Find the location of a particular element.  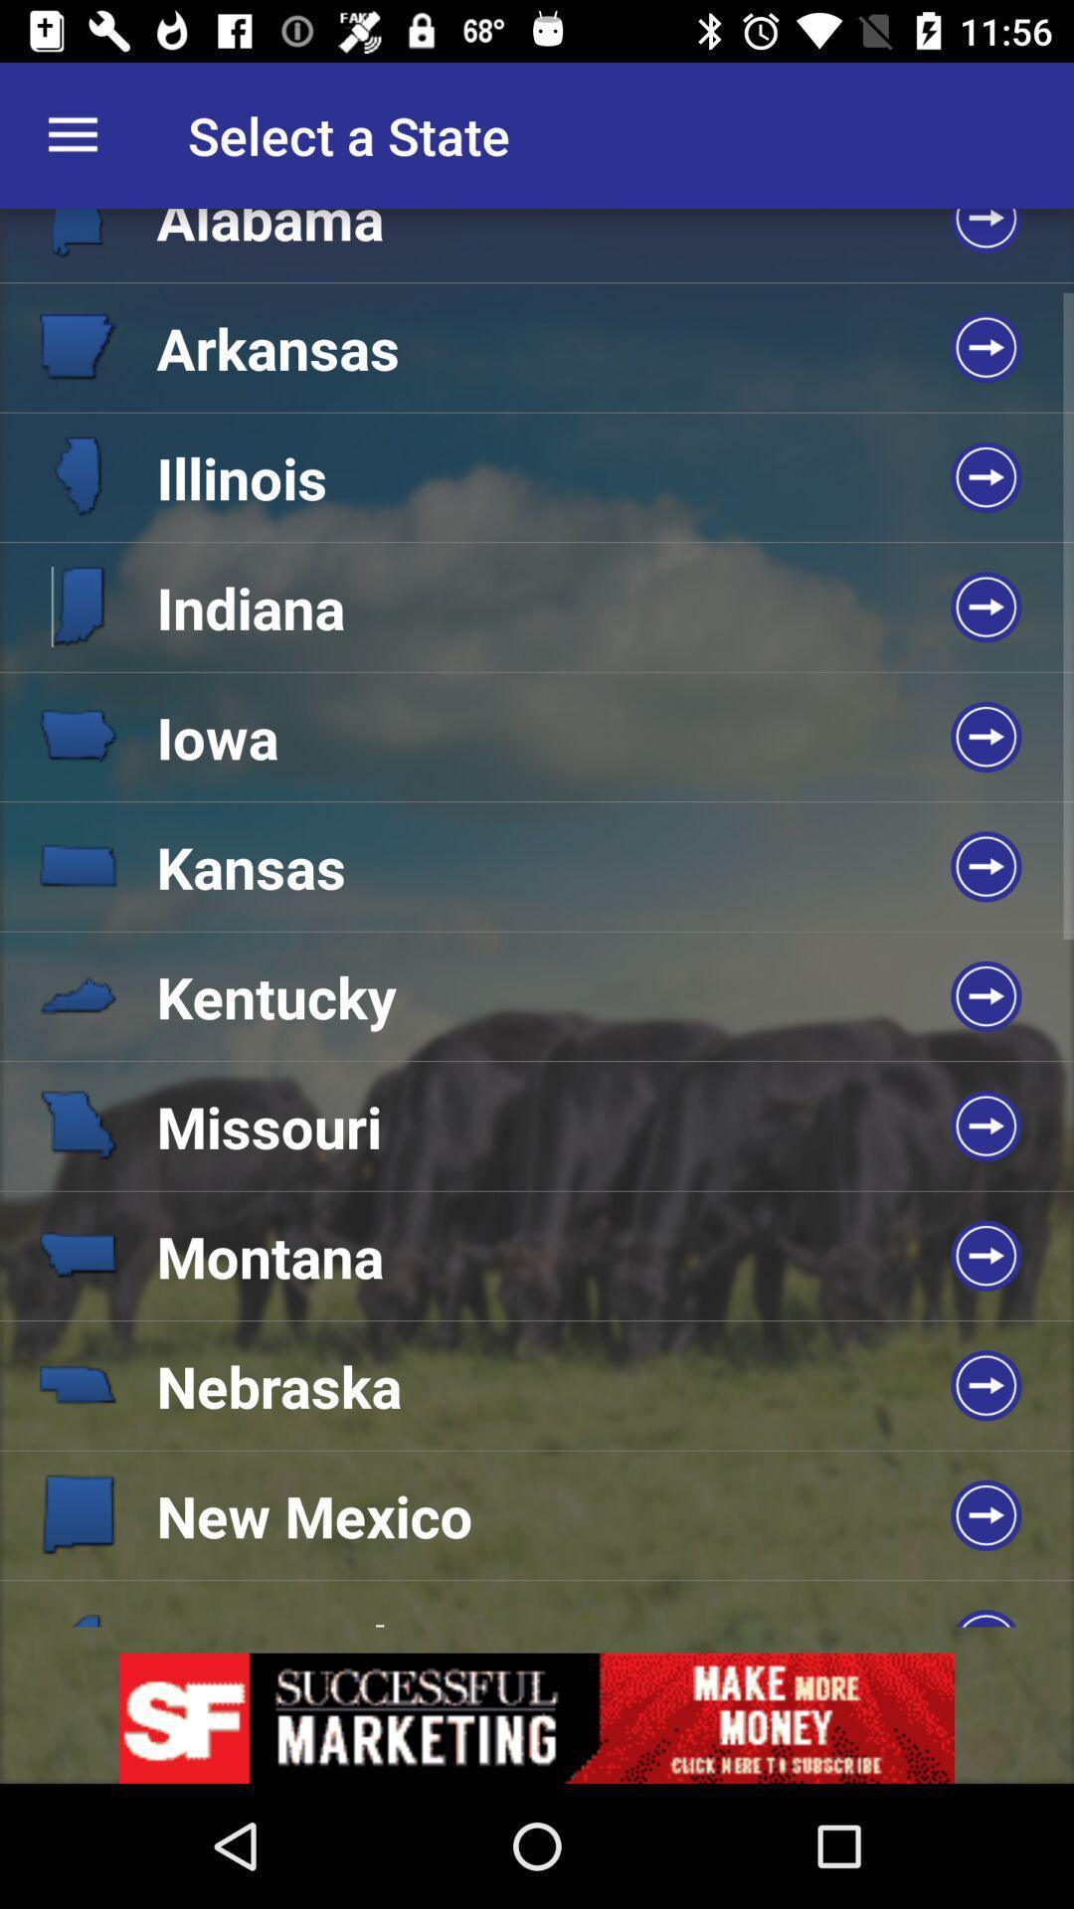

advertisement website is located at coordinates (537, 1717).